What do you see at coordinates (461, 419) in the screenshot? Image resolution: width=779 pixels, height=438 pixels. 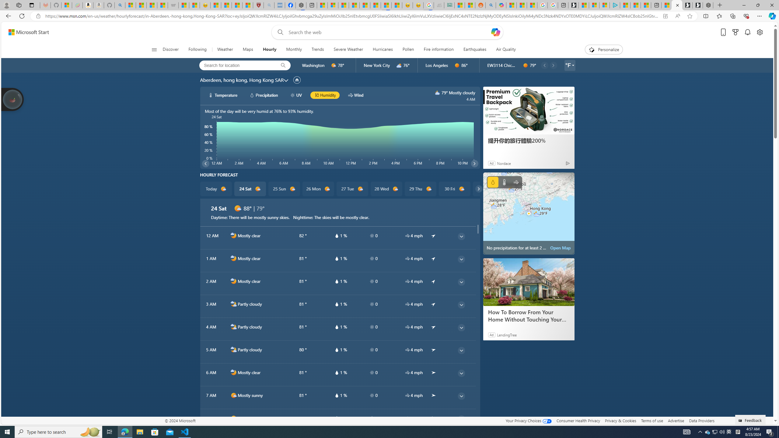 I see `'common/thinArrow'` at bounding box center [461, 419].